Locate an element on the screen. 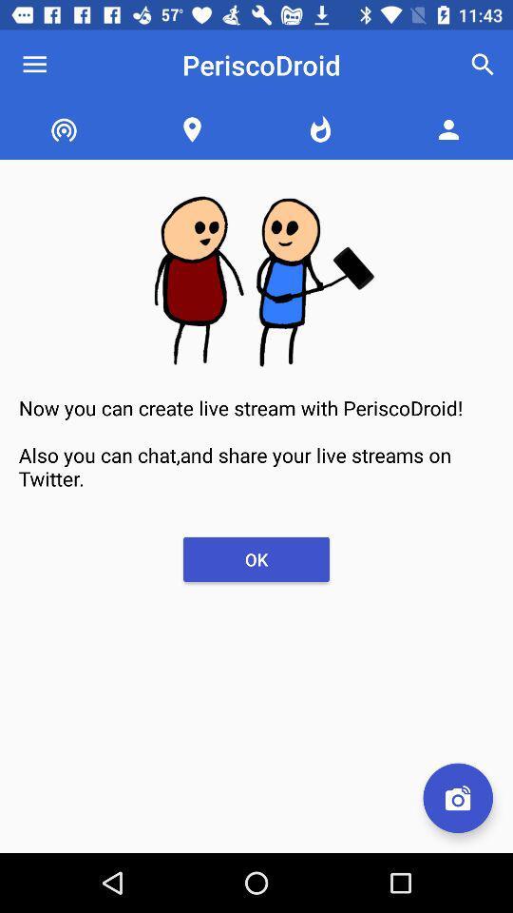 The width and height of the screenshot is (513, 913). the ok is located at coordinates (256, 559).